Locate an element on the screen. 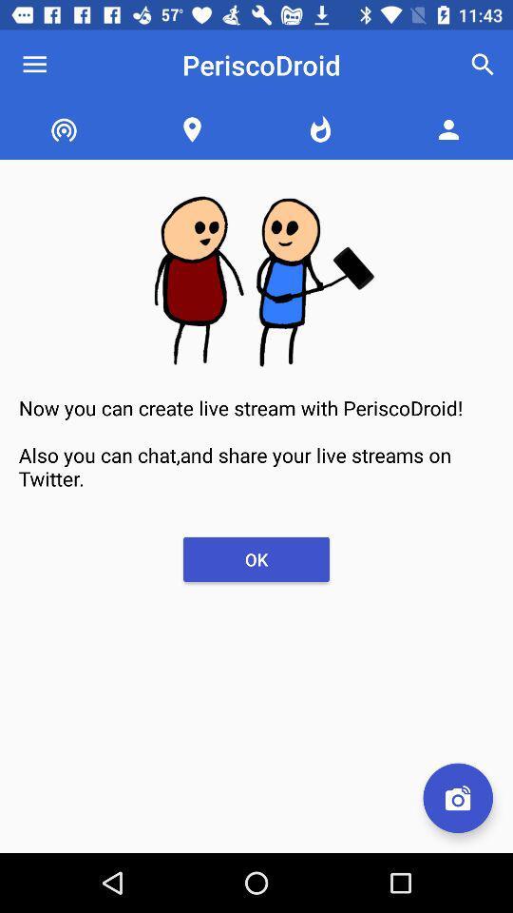 The width and height of the screenshot is (513, 913). the ok is located at coordinates (256, 559).